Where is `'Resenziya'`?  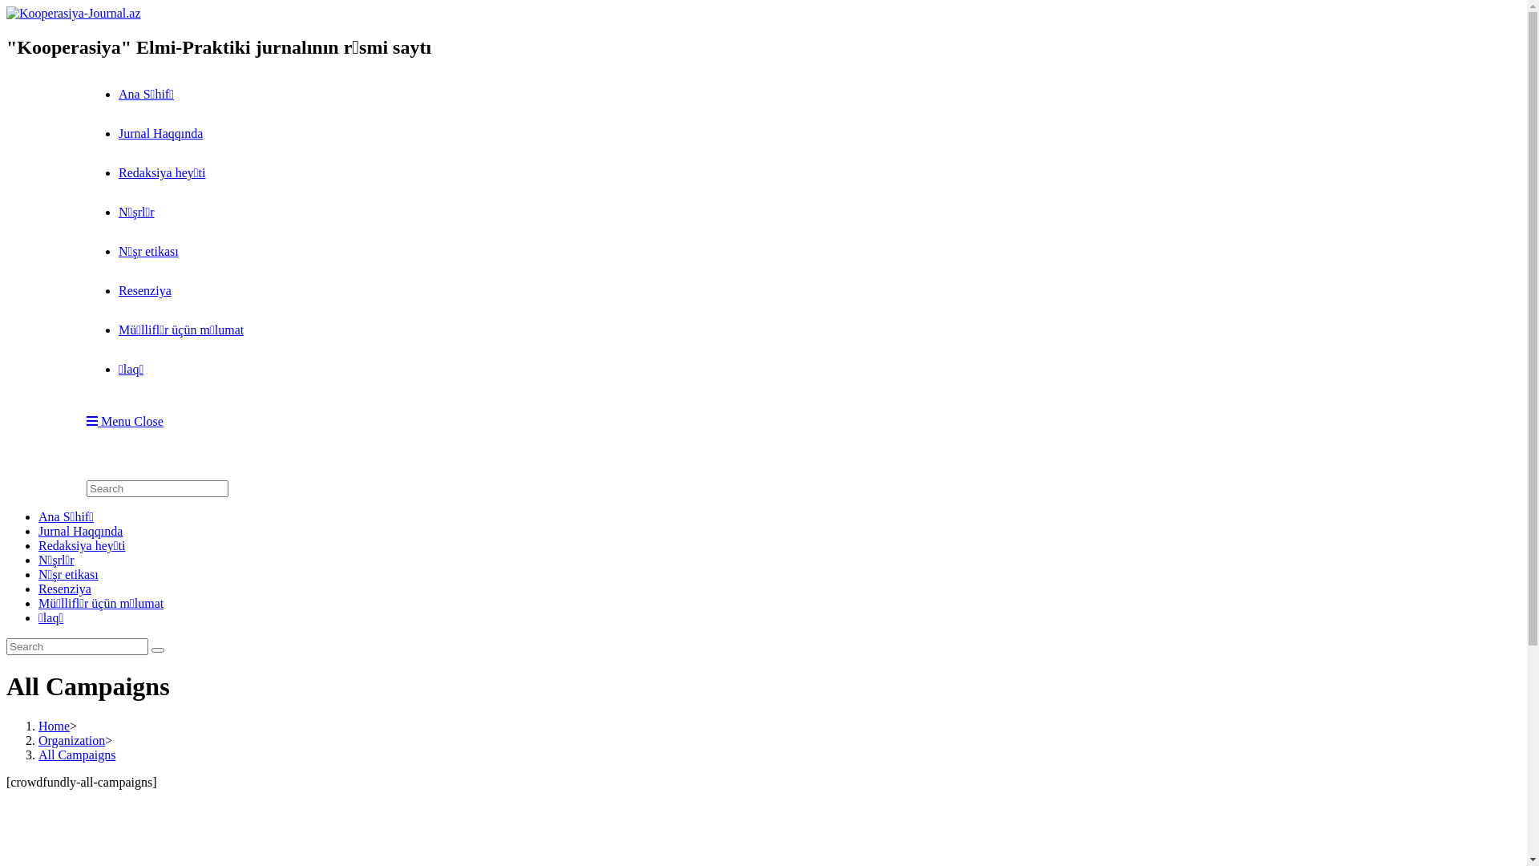
'Resenziya' is located at coordinates (64, 589).